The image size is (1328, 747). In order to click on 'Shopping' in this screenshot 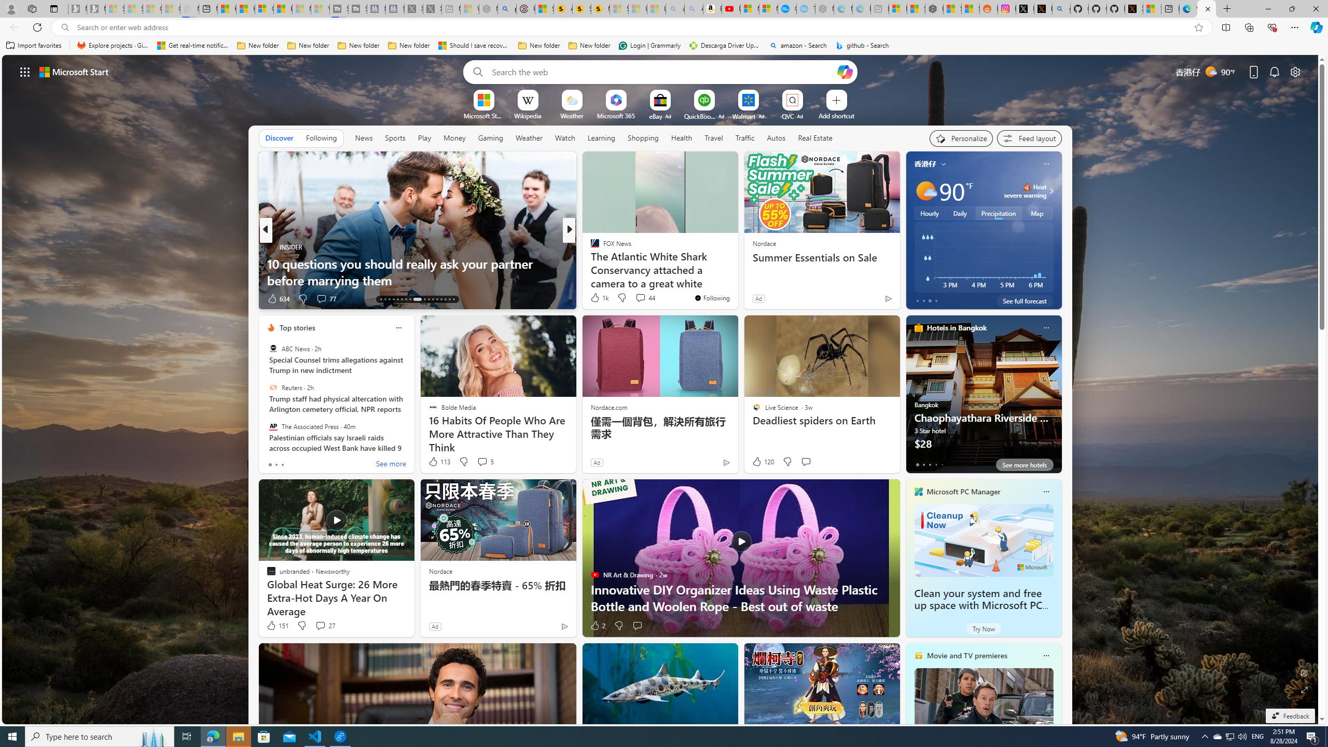, I will do `click(643, 137)`.